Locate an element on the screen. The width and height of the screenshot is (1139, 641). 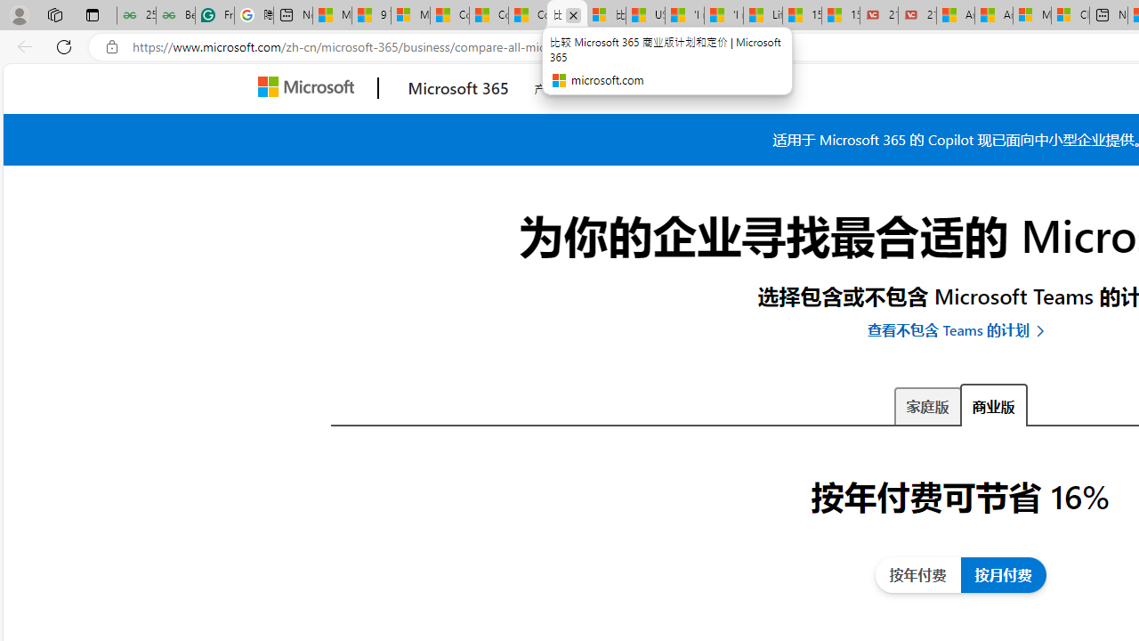
'15 Ways Modern Life Contradicts the Teachings of Jesus' is located at coordinates (840, 15).